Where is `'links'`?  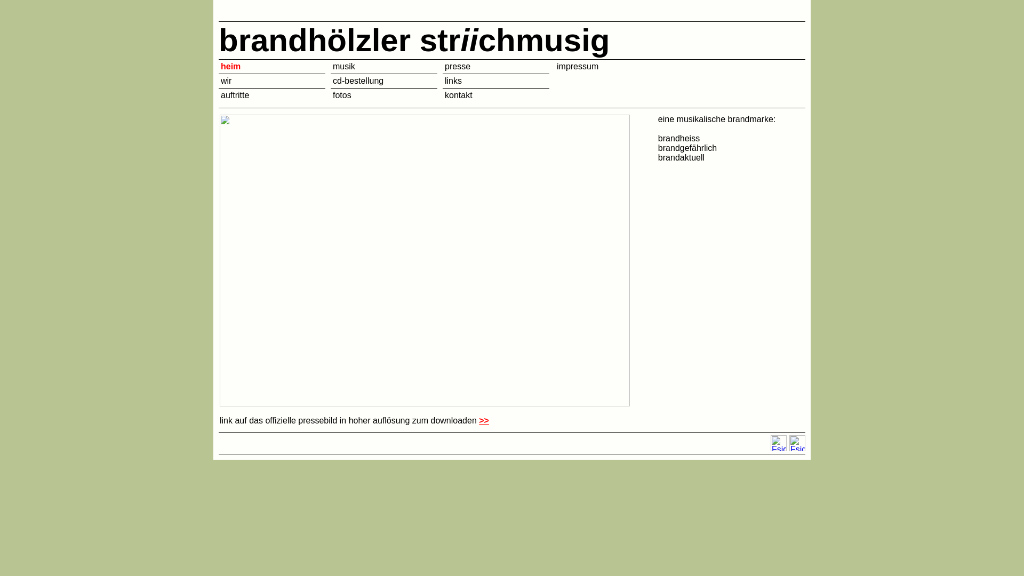
'links' is located at coordinates (453, 80).